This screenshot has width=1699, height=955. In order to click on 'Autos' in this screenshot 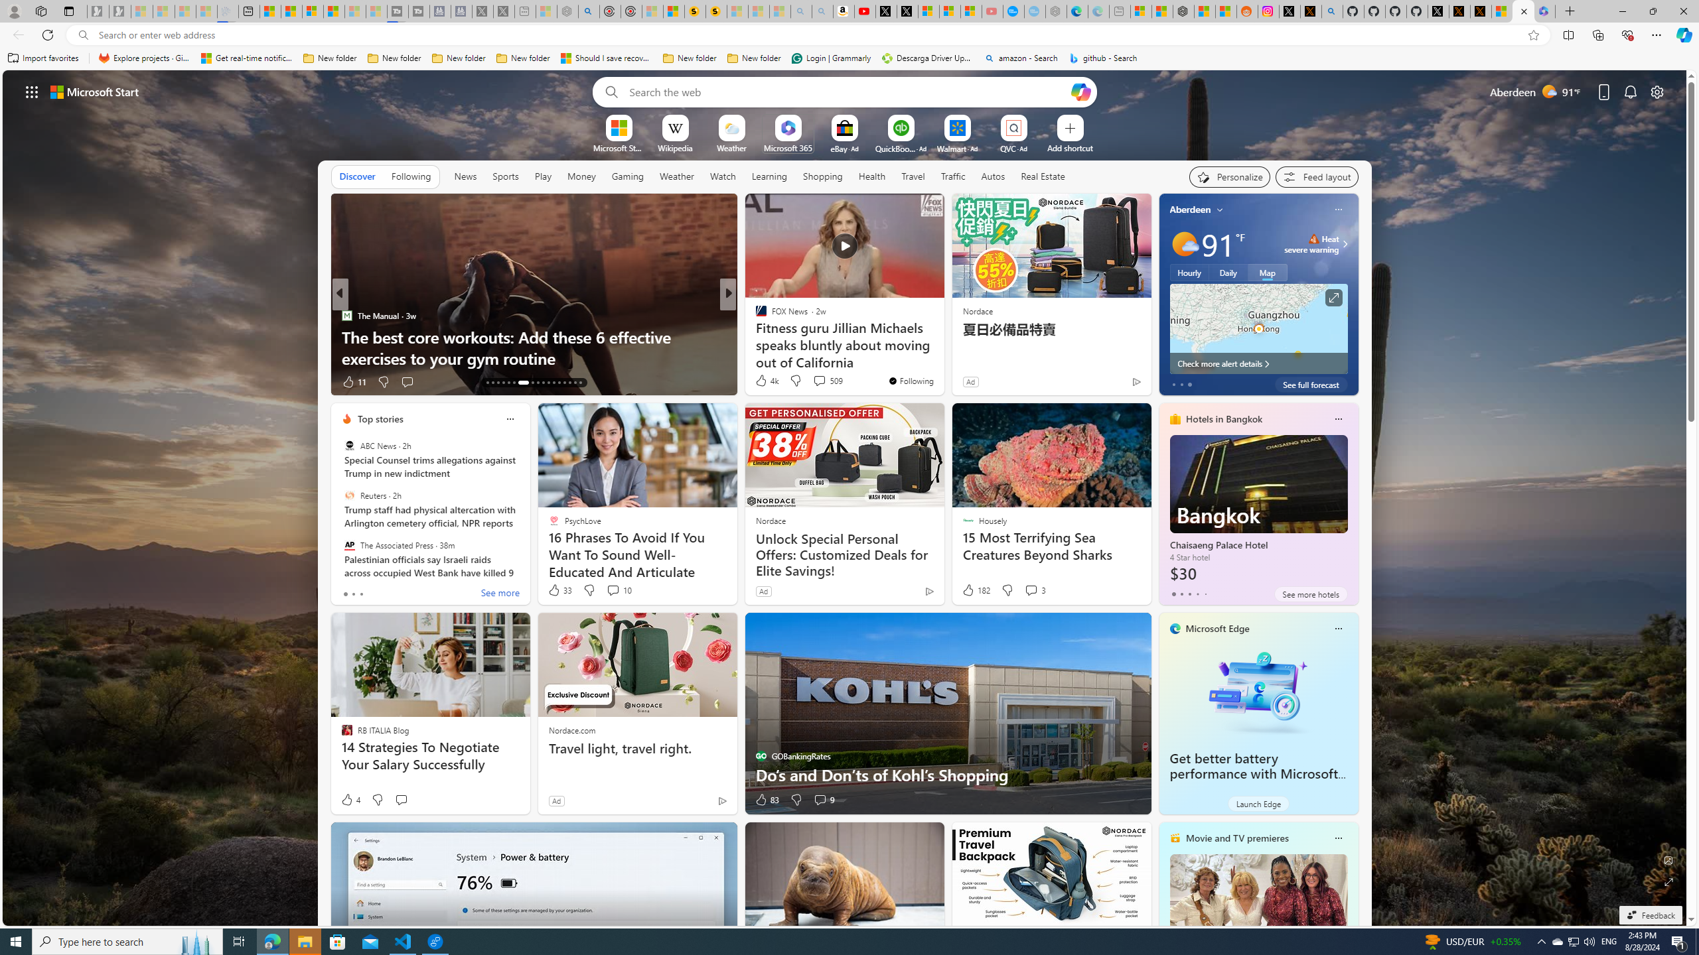, I will do `click(993, 175)`.